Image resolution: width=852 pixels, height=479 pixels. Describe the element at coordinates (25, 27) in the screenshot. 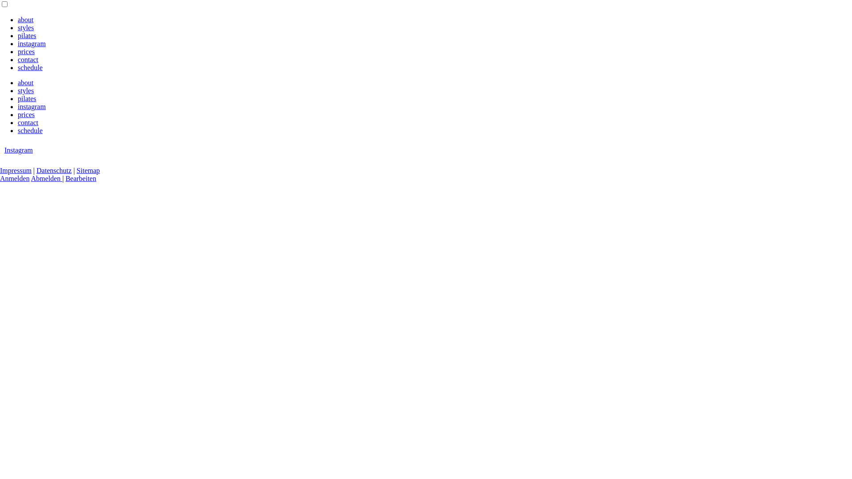

I see `'styles'` at that location.